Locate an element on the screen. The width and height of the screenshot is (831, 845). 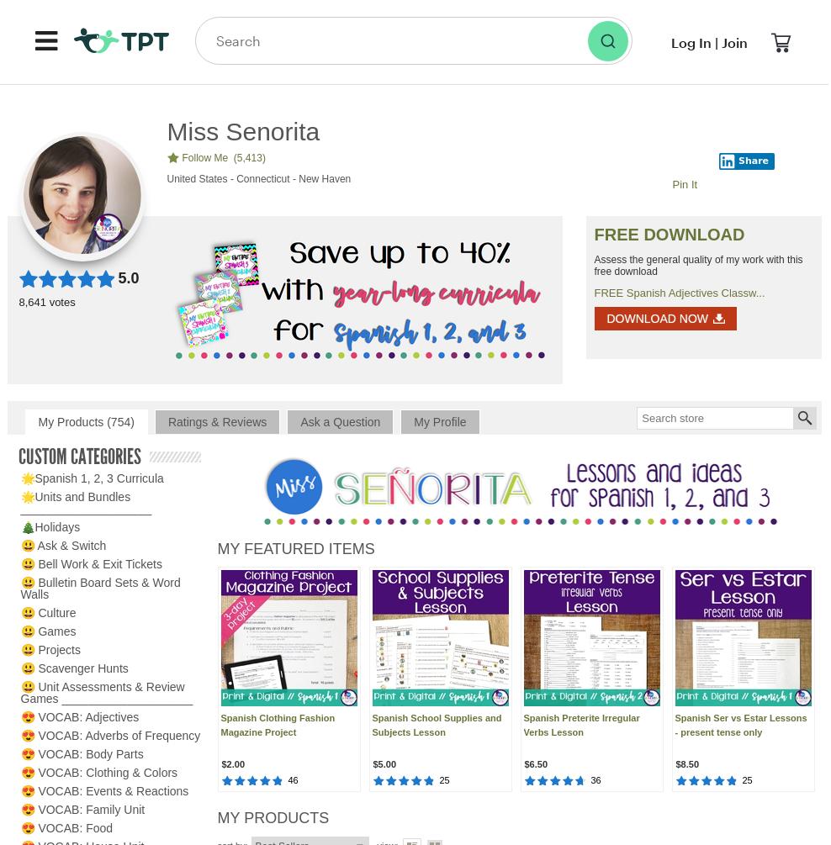
'$5.00' is located at coordinates (373, 763).